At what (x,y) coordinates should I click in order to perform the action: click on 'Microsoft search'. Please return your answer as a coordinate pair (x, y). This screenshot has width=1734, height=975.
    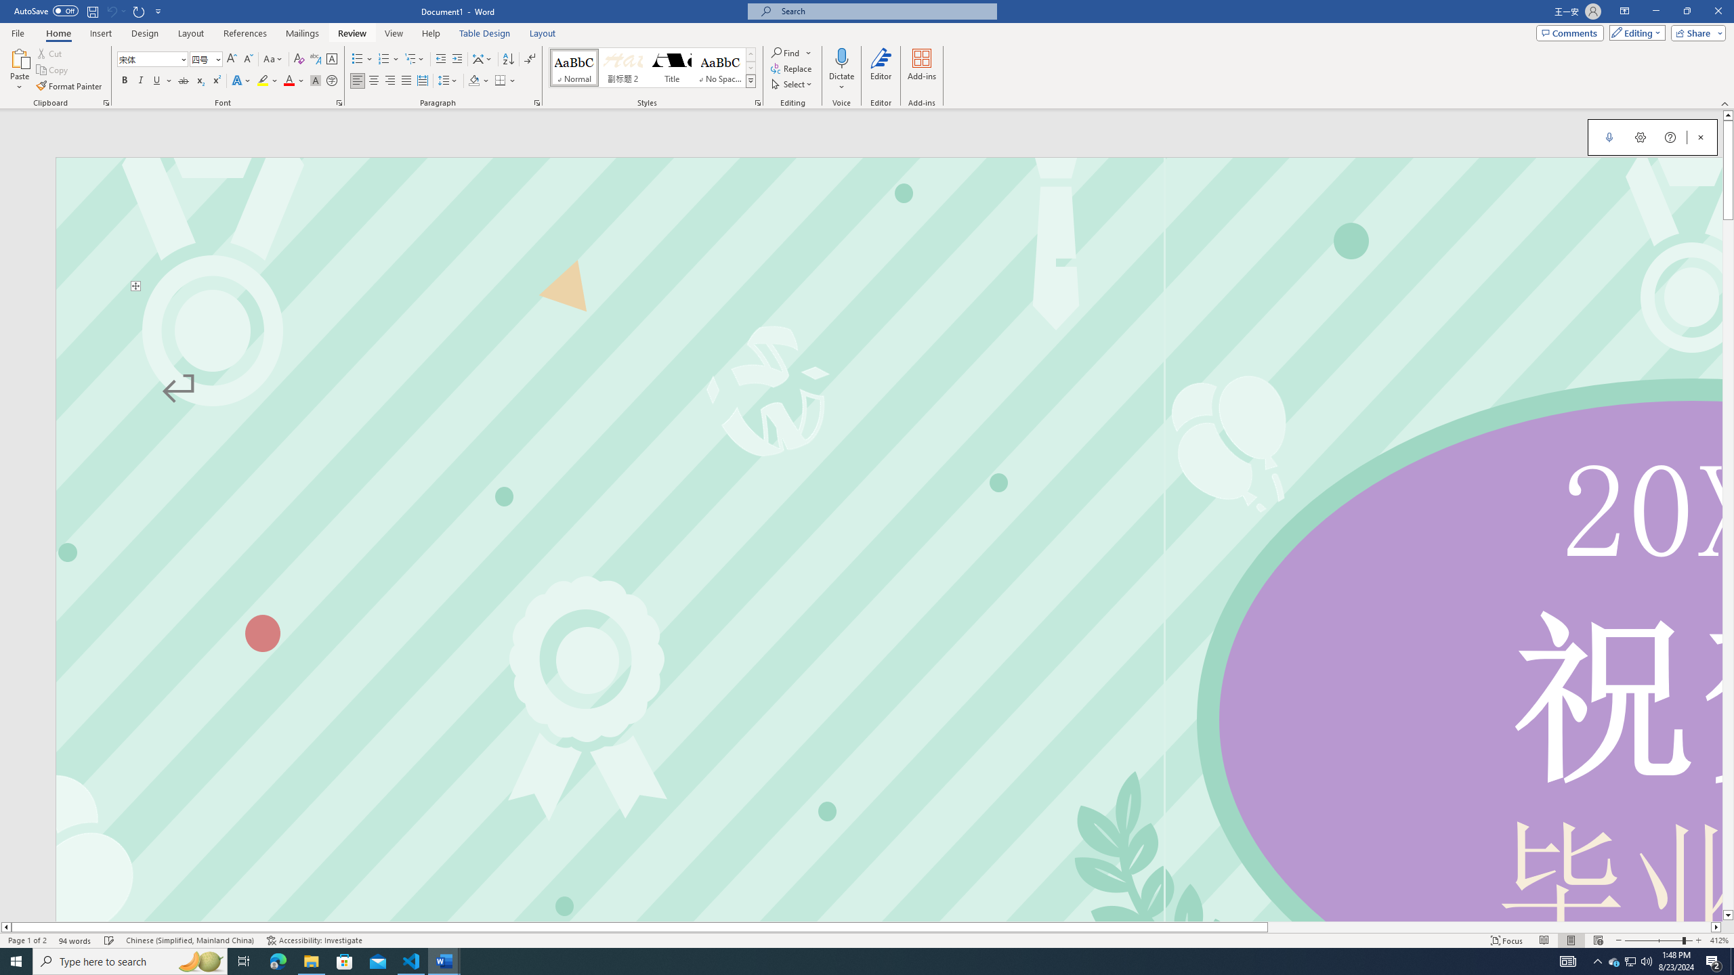
    Looking at the image, I should click on (883, 11).